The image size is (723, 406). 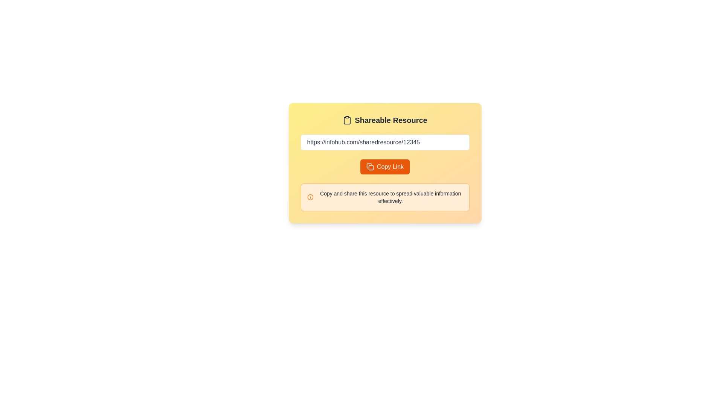 I want to click on the 'Shareable Resource' text heading with a clipboard icon, which is positioned at the top of a card layout with a yellow to orange gradient background, so click(x=385, y=120).